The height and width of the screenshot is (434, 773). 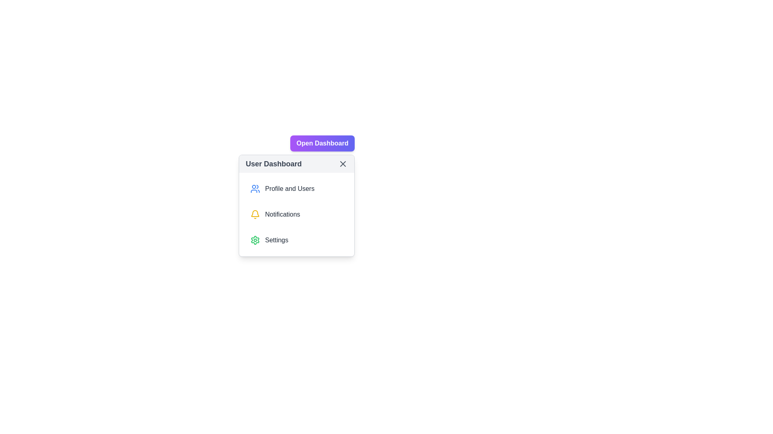 I want to click on the 'X' mark icon styled with two diagonal crossing lines located at the top-right corner of the 'User Dashboard' panel, so click(x=343, y=164).